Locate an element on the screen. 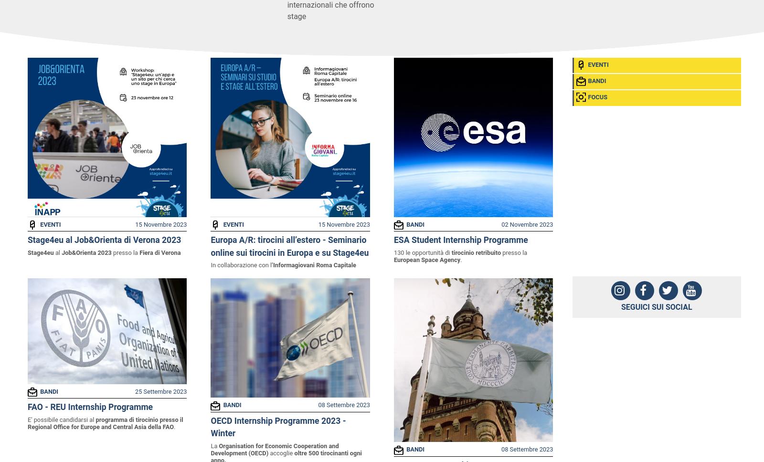  'Organisation for Economic Cooperation and Development (OECD)' is located at coordinates (210, 449).